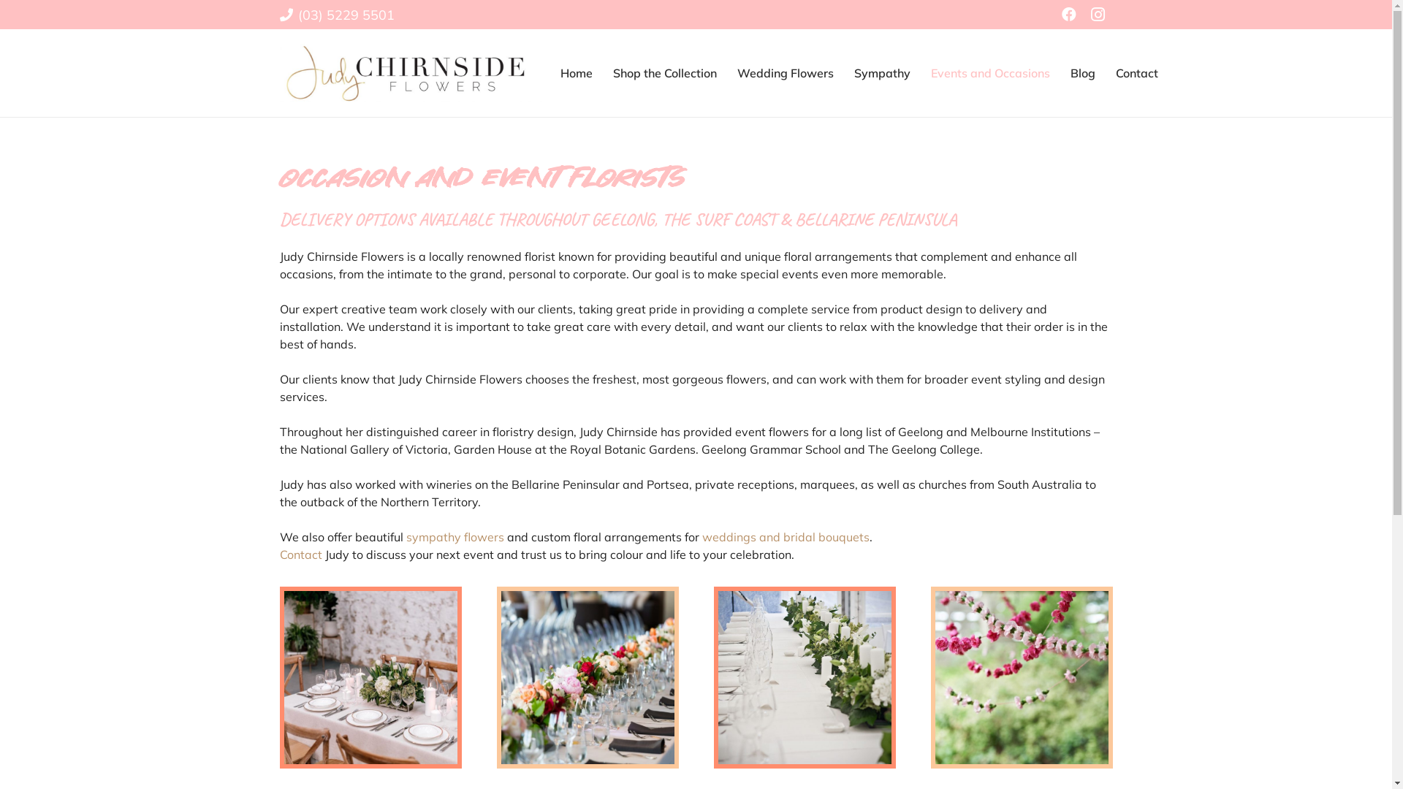  What do you see at coordinates (575, 73) in the screenshot?
I see `'Home'` at bounding box center [575, 73].